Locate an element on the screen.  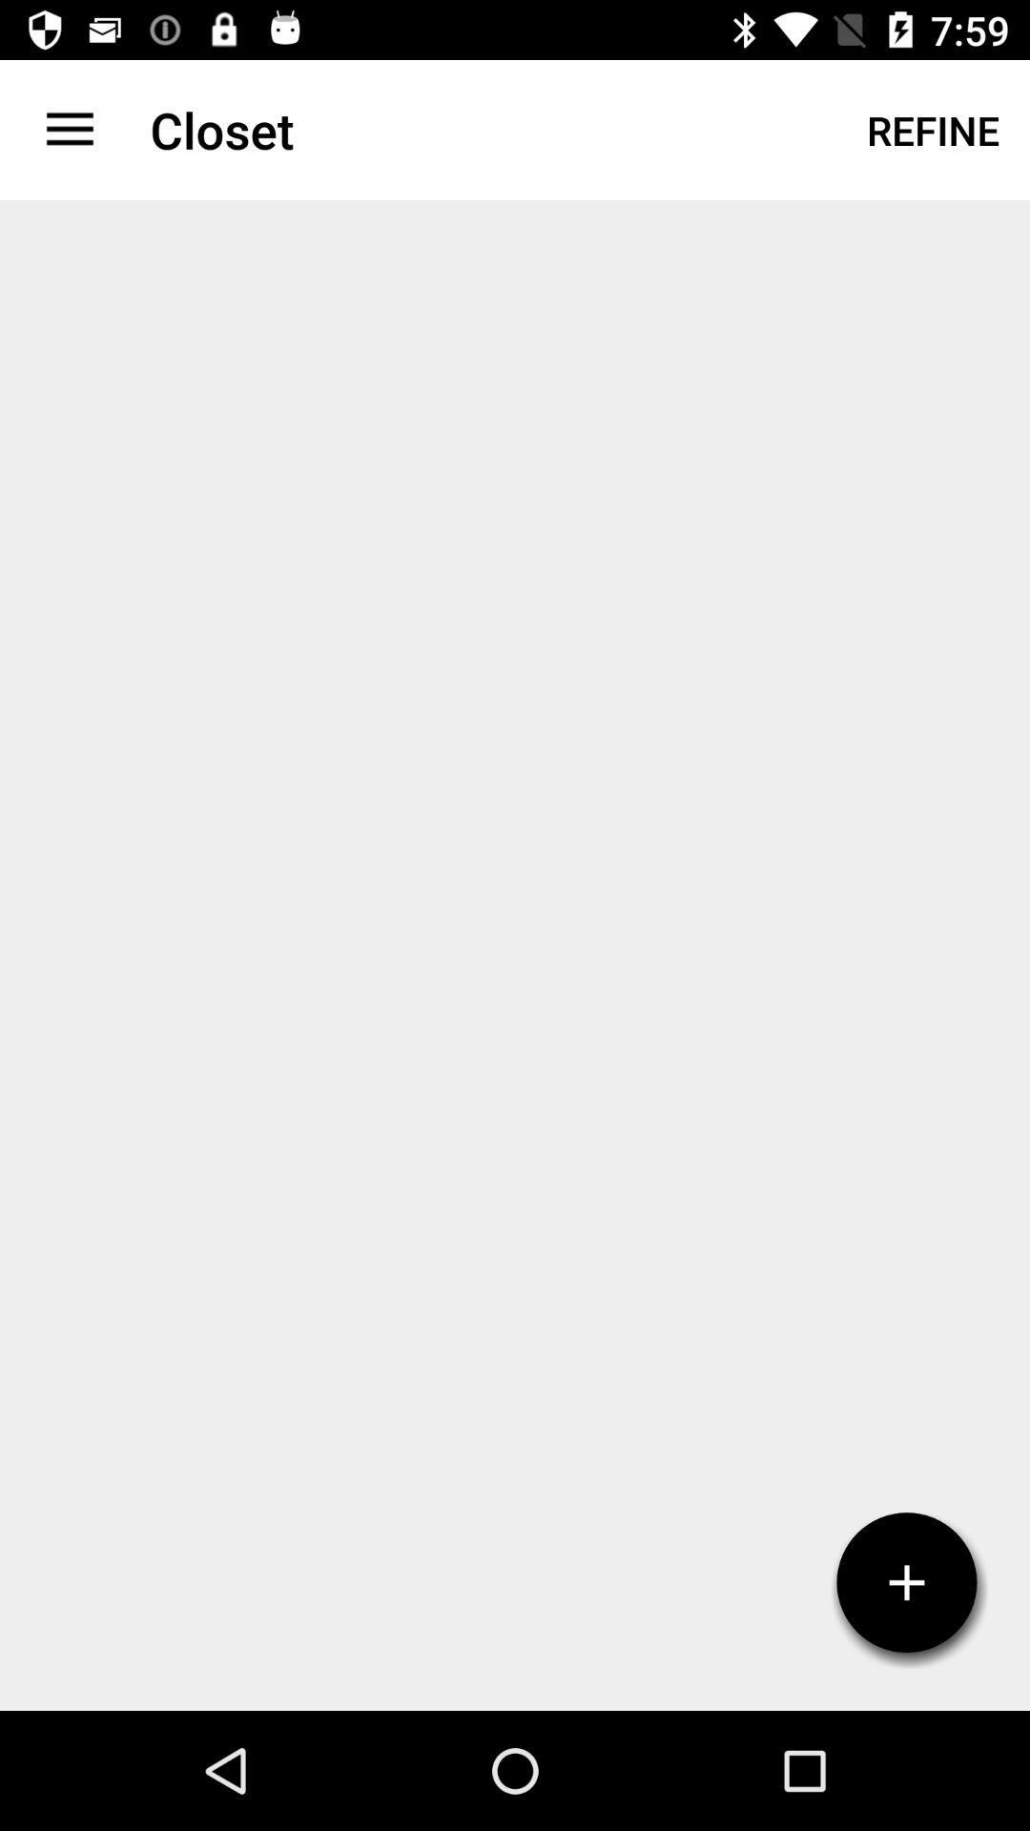
the refine item is located at coordinates (932, 129).